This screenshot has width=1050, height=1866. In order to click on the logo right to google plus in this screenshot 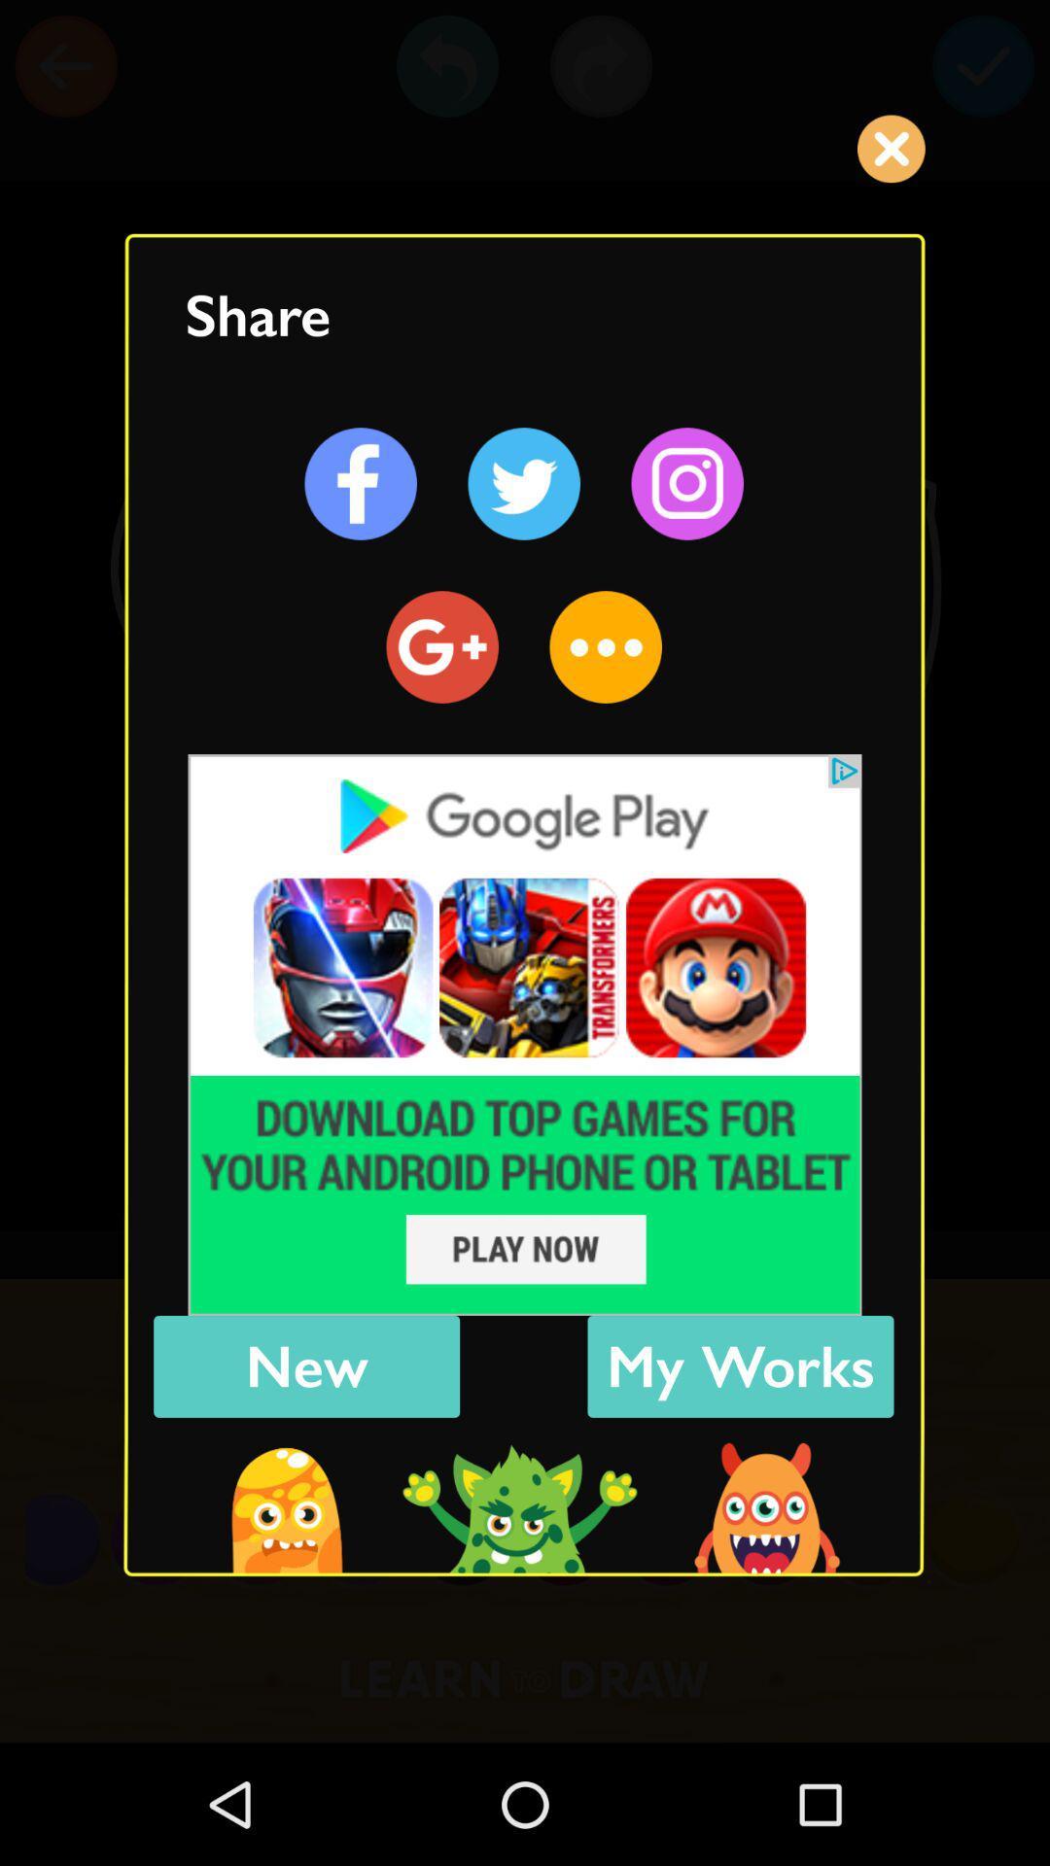, I will do `click(605, 647)`.